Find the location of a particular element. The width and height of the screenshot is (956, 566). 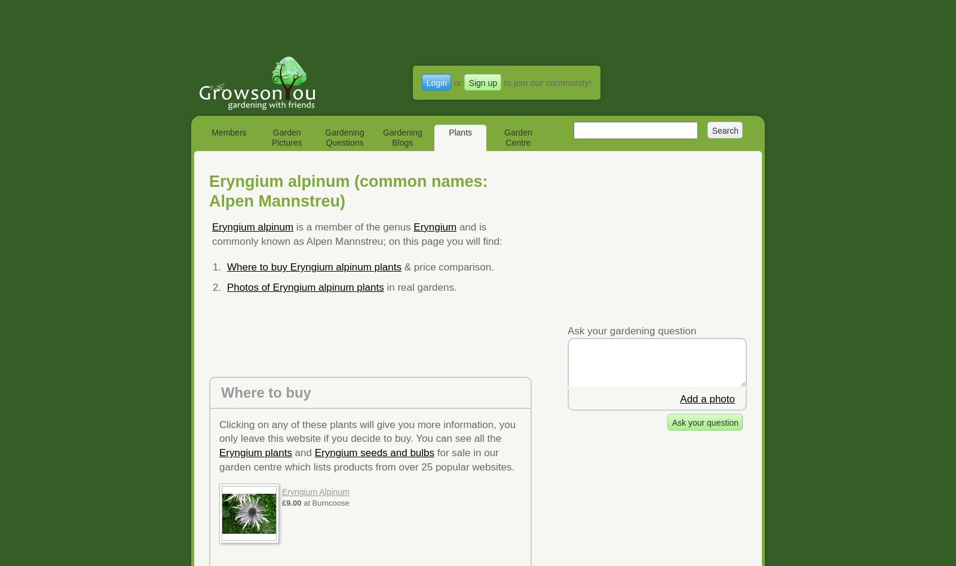

'in real gardens.' is located at coordinates (383, 287).